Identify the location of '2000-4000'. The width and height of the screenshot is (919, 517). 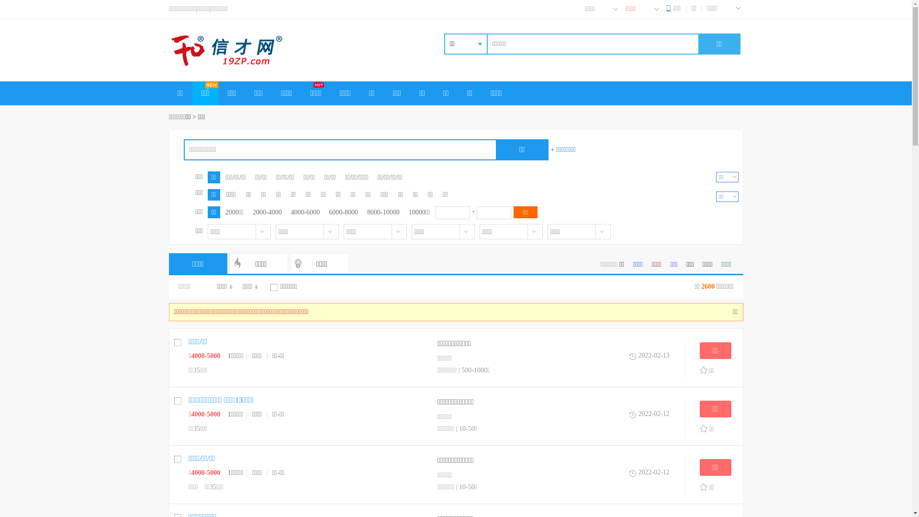
(267, 212).